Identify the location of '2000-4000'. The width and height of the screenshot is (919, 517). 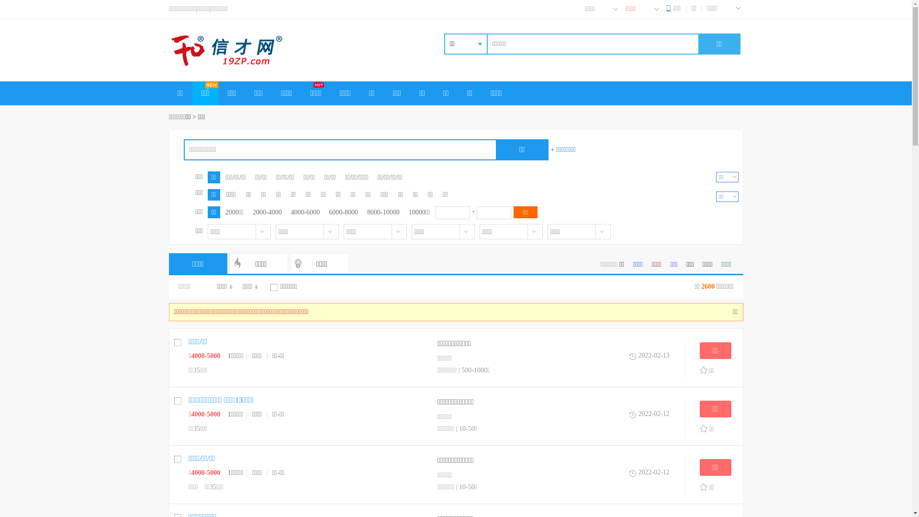
(267, 212).